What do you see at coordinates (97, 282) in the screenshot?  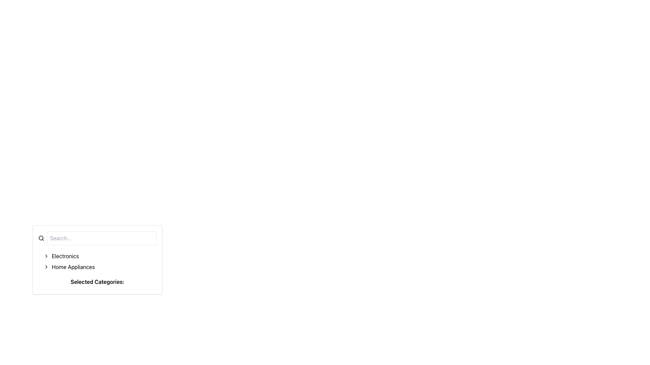 I see `the text label that indicates the section corresponding to selected categories, positioned below the category list in the white box` at bounding box center [97, 282].